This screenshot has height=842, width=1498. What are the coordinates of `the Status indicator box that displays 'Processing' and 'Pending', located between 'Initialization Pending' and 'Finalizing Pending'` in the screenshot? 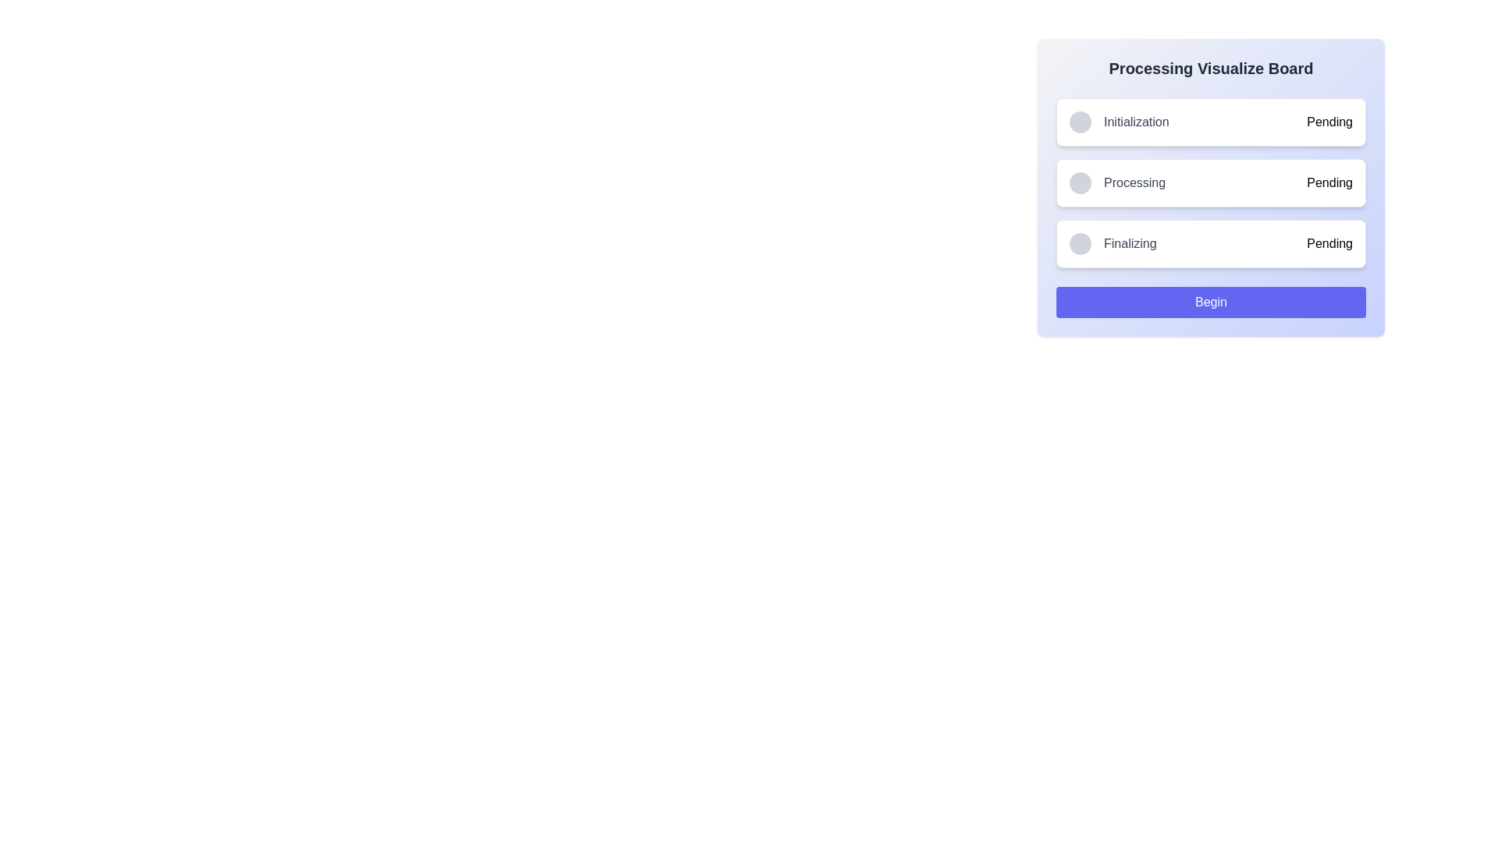 It's located at (1210, 182).